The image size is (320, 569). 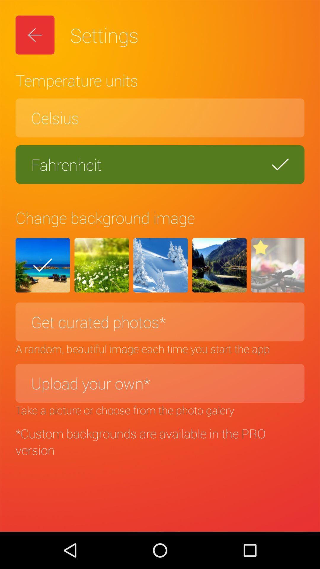 I want to click on icon below take a picture item, so click(x=160, y=442).